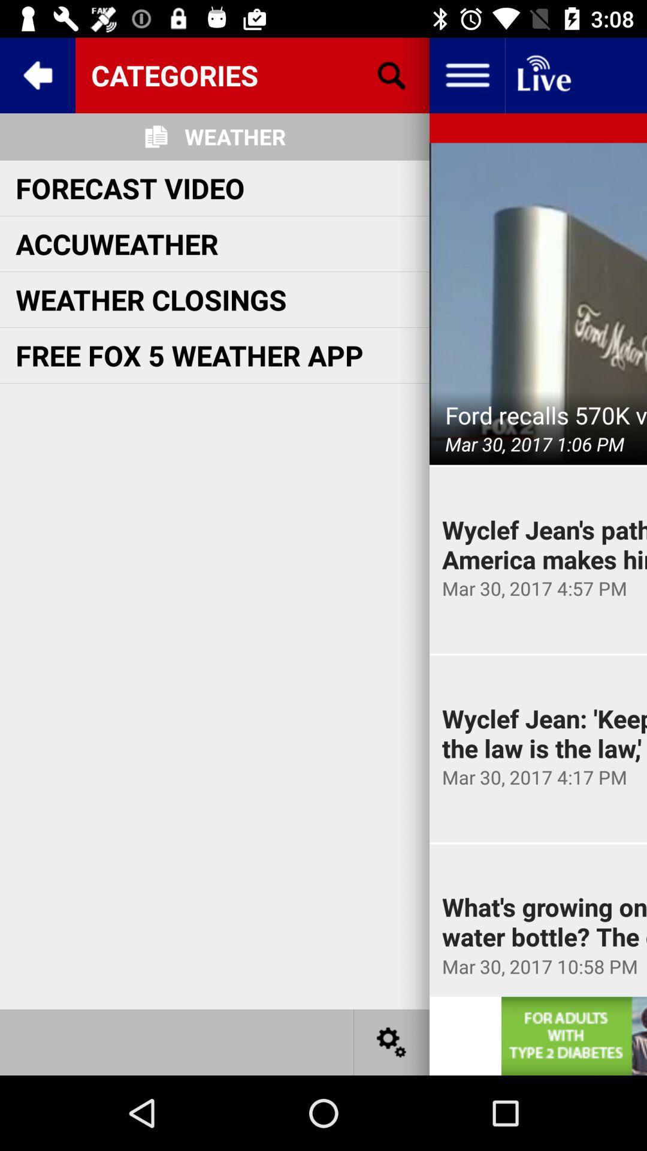  Describe the element at coordinates (543, 74) in the screenshot. I see `lived check the button` at that location.